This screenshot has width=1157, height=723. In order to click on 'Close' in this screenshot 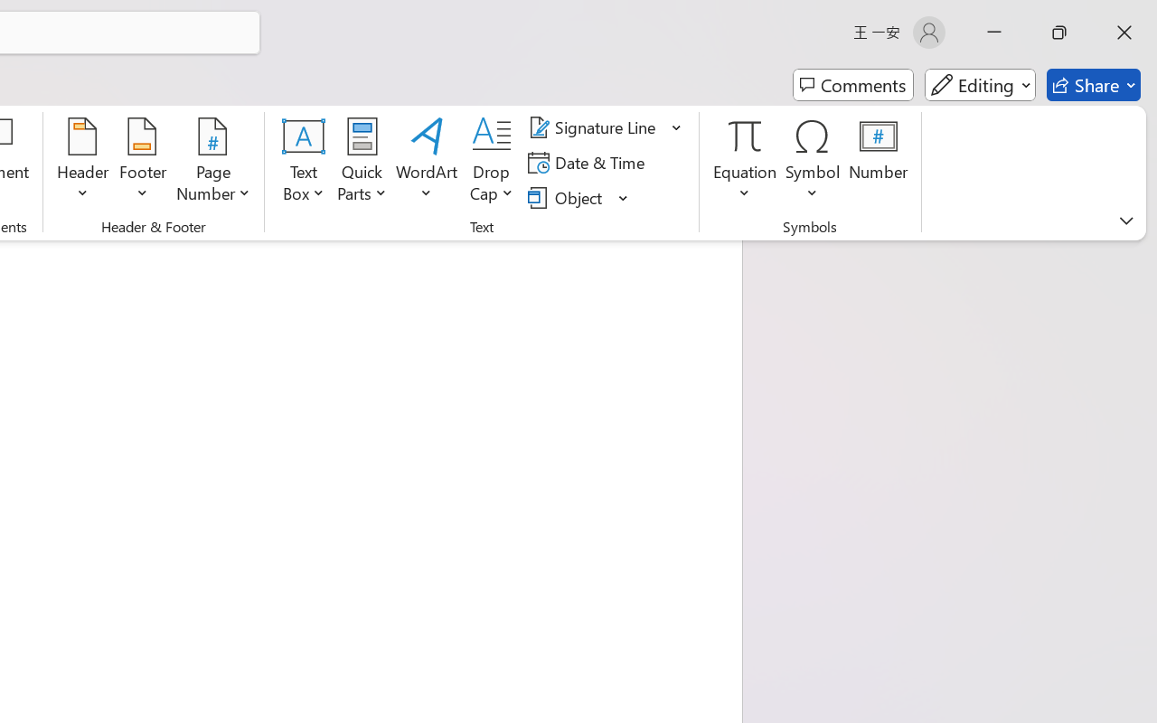, I will do `click(1124, 32)`.